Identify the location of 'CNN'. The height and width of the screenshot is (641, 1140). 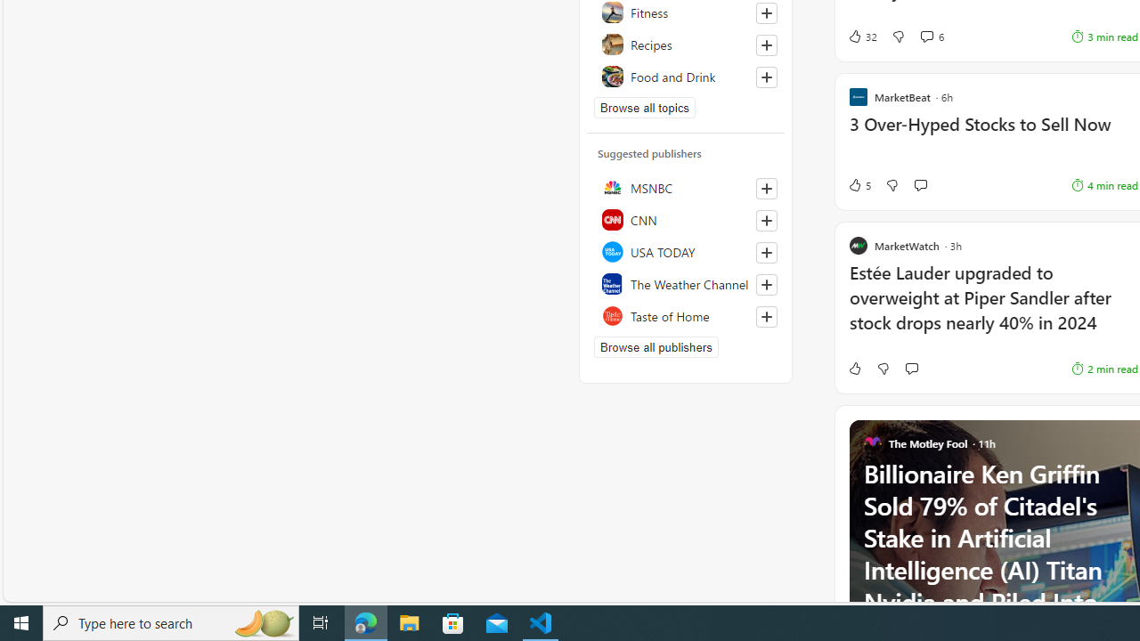
(685, 218).